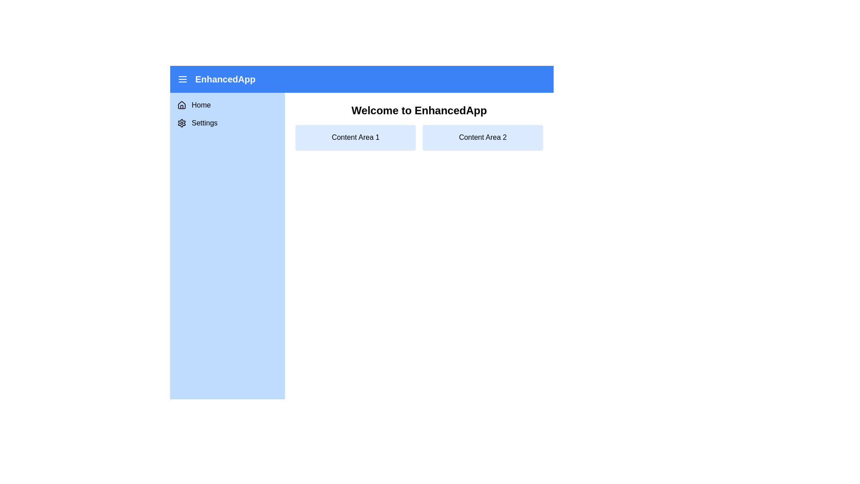 Image resolution: width=860 pixels, height=484 pixels. Describe the element at coordinates (216, 79) in the screenshot. I see `the static text element displaying the application title 'EnhancedApp', located on the left side of the blue header bar adjacent to the hamburger menu icon` at that location.